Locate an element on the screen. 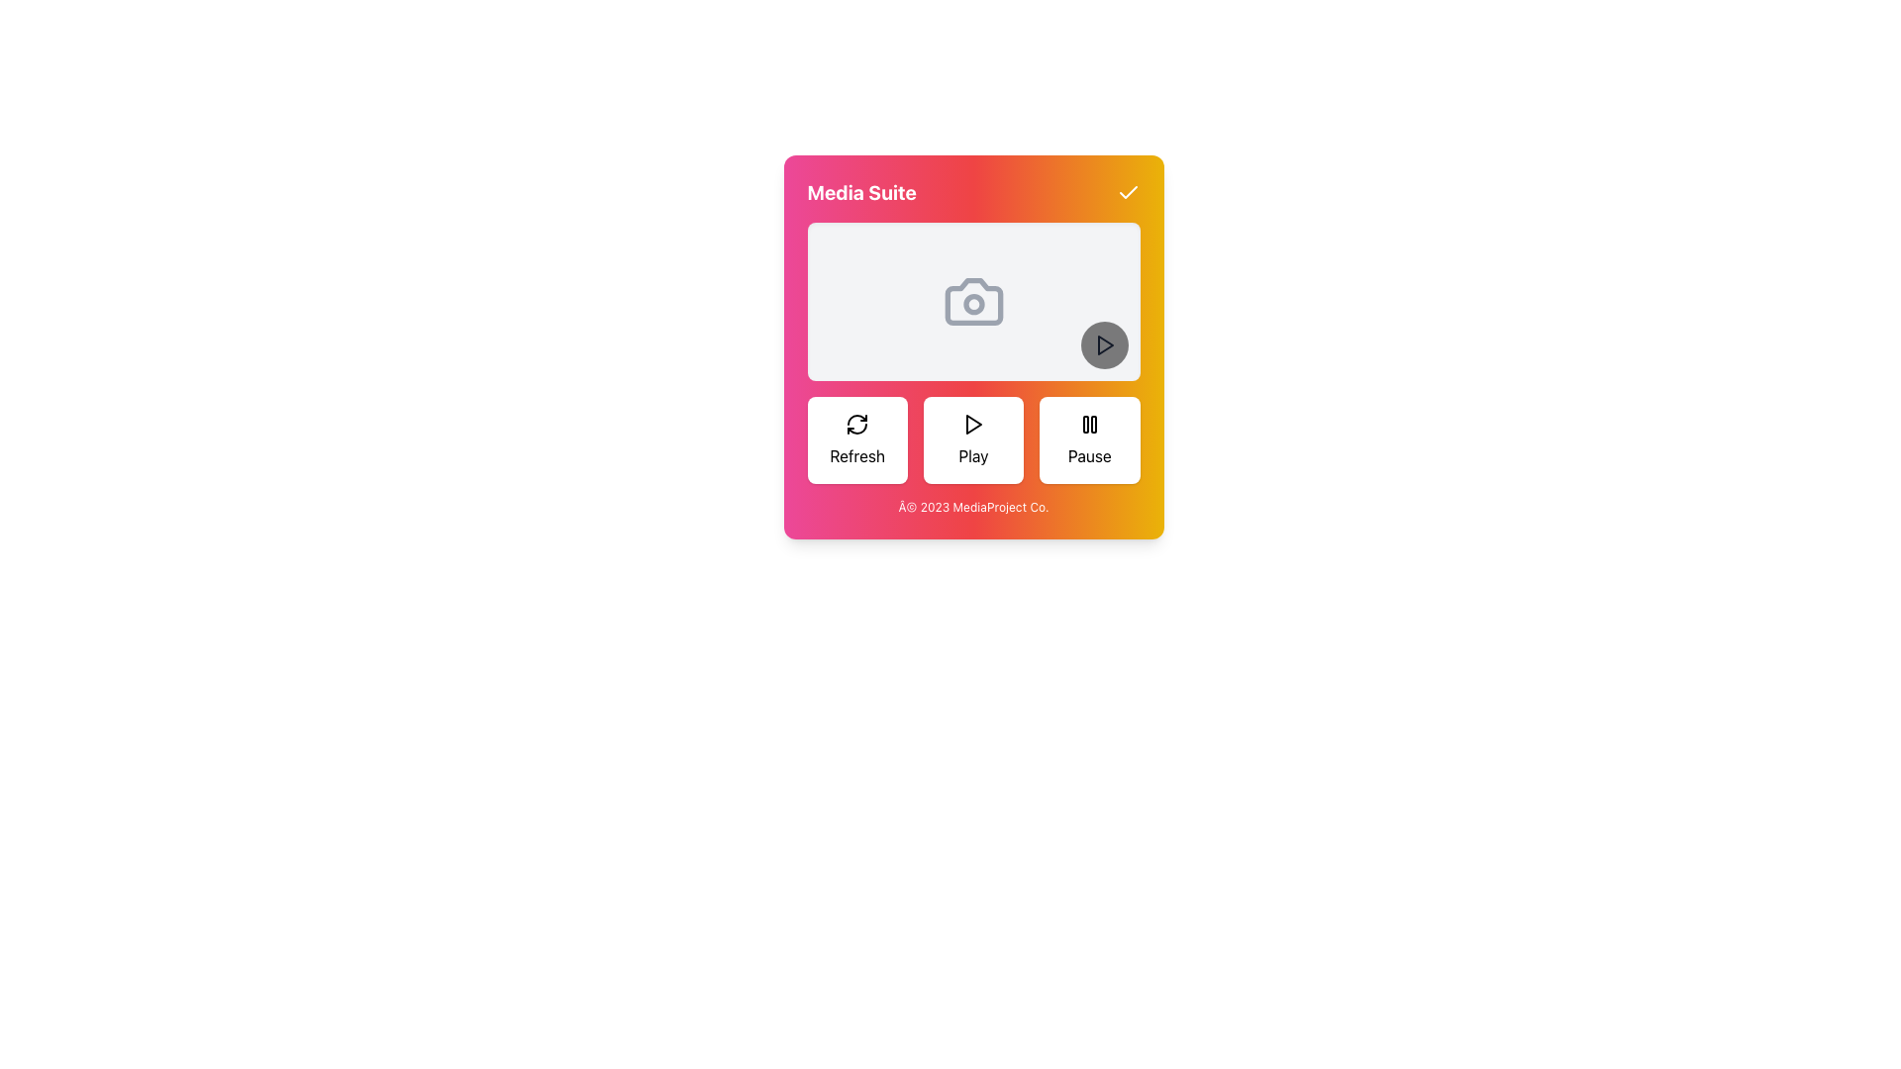 Image resolution: width=1901 pixels, height=1069 pixels. the 'Pause' button, which is a rectangular button with a white background and black text, located in the bottom-right corner of the media interface is located at coordinates (1088, 438).